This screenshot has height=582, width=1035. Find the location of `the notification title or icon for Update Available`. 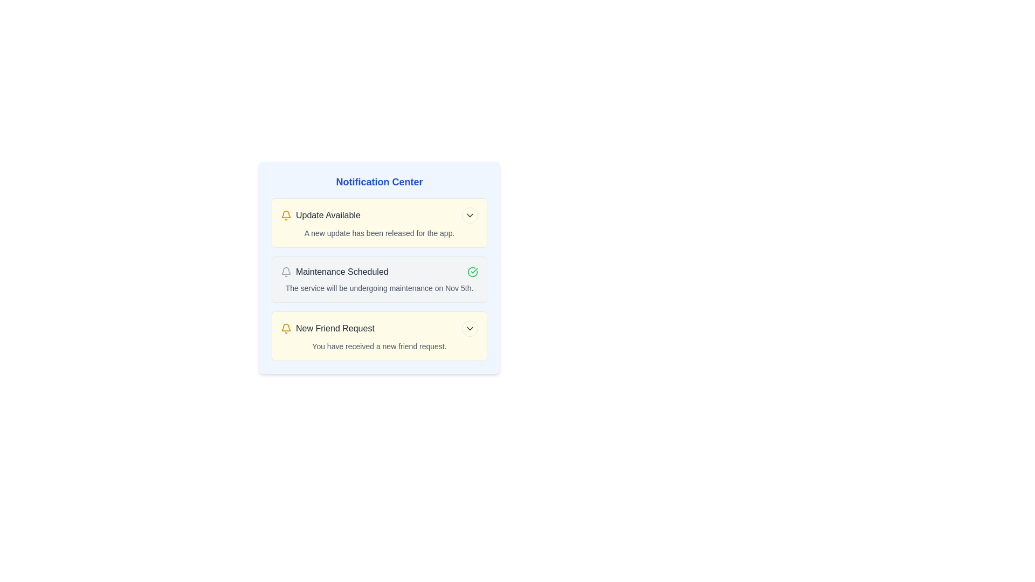

the notification title or icon for Update Available is located at coordinates (286, 216).